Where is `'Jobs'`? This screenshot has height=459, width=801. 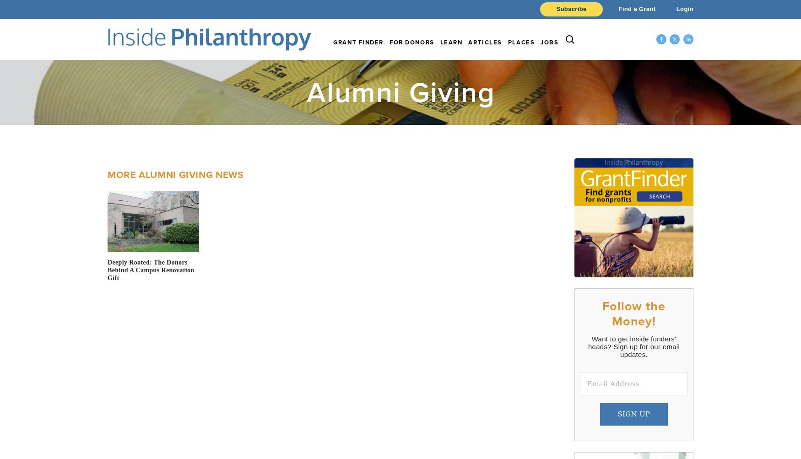 'Jobs' is located at coordinates (540, 42).